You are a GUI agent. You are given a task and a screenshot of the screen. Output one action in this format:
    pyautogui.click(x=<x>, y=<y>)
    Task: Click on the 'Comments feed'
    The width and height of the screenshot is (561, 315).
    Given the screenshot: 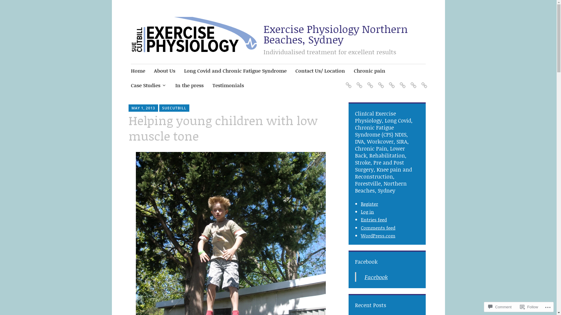 What is the action you would take?
    pyautogui.click(x=378, y=227)
    